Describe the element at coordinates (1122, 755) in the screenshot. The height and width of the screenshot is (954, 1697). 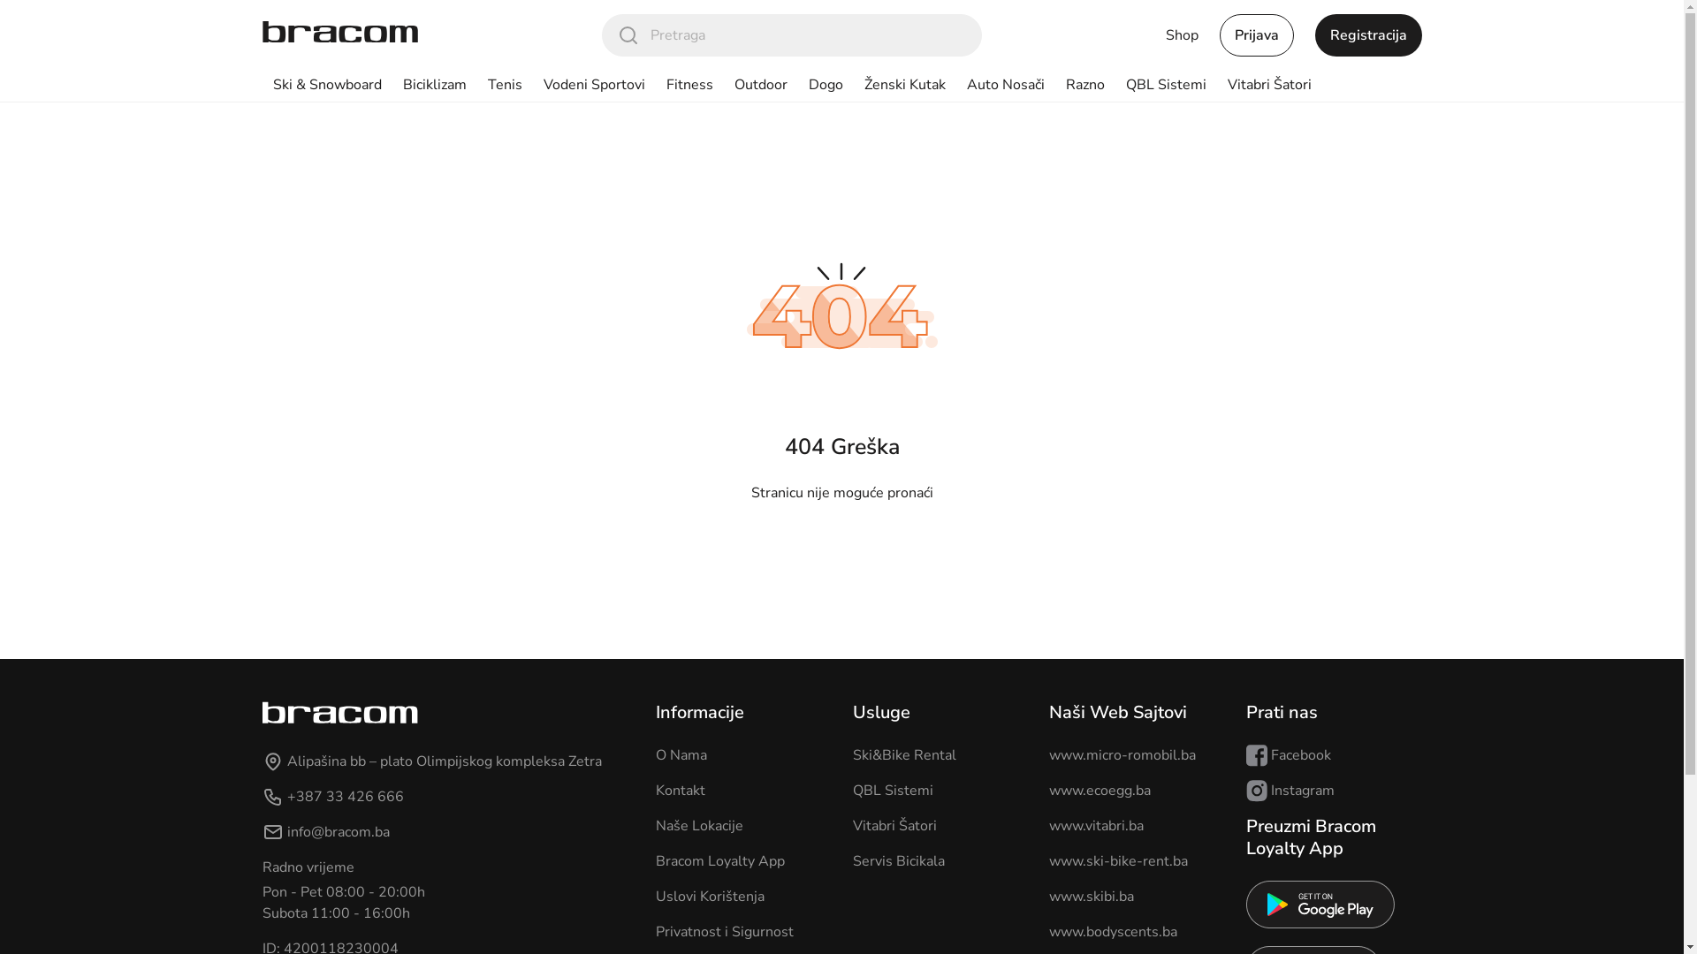
I see `'www.micro-romobil.ba'` at that location.